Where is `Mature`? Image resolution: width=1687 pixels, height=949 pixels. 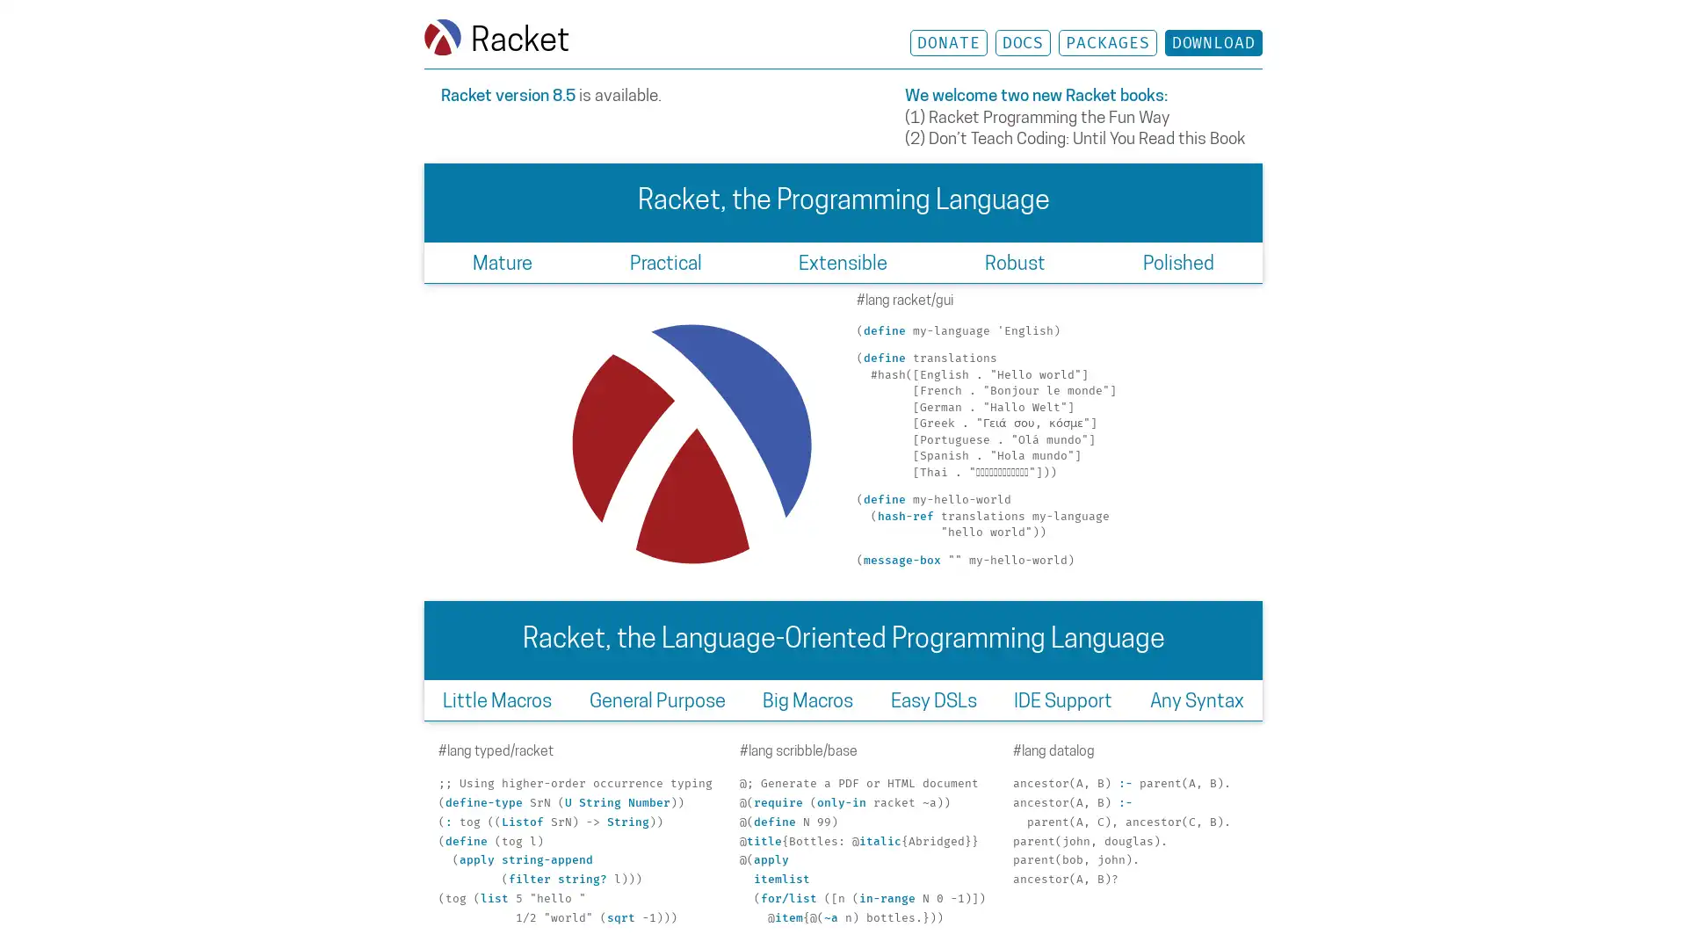 Mature is located at coordinates (501, 262).